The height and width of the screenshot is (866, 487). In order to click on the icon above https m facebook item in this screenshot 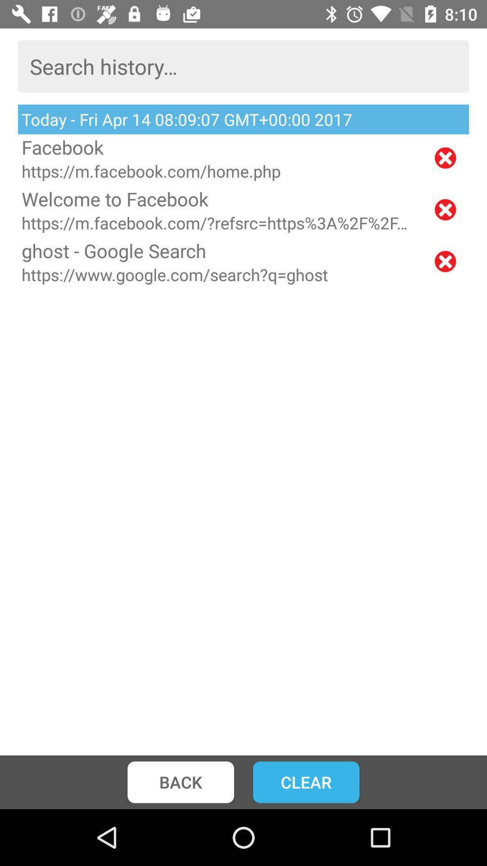, I will do `click(220, 198)`.